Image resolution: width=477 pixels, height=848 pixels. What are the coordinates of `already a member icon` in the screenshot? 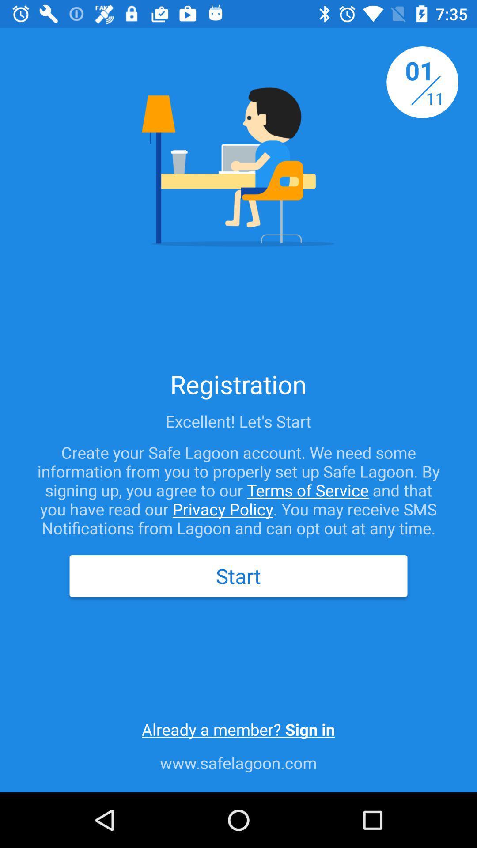 It's located at (238, 729).